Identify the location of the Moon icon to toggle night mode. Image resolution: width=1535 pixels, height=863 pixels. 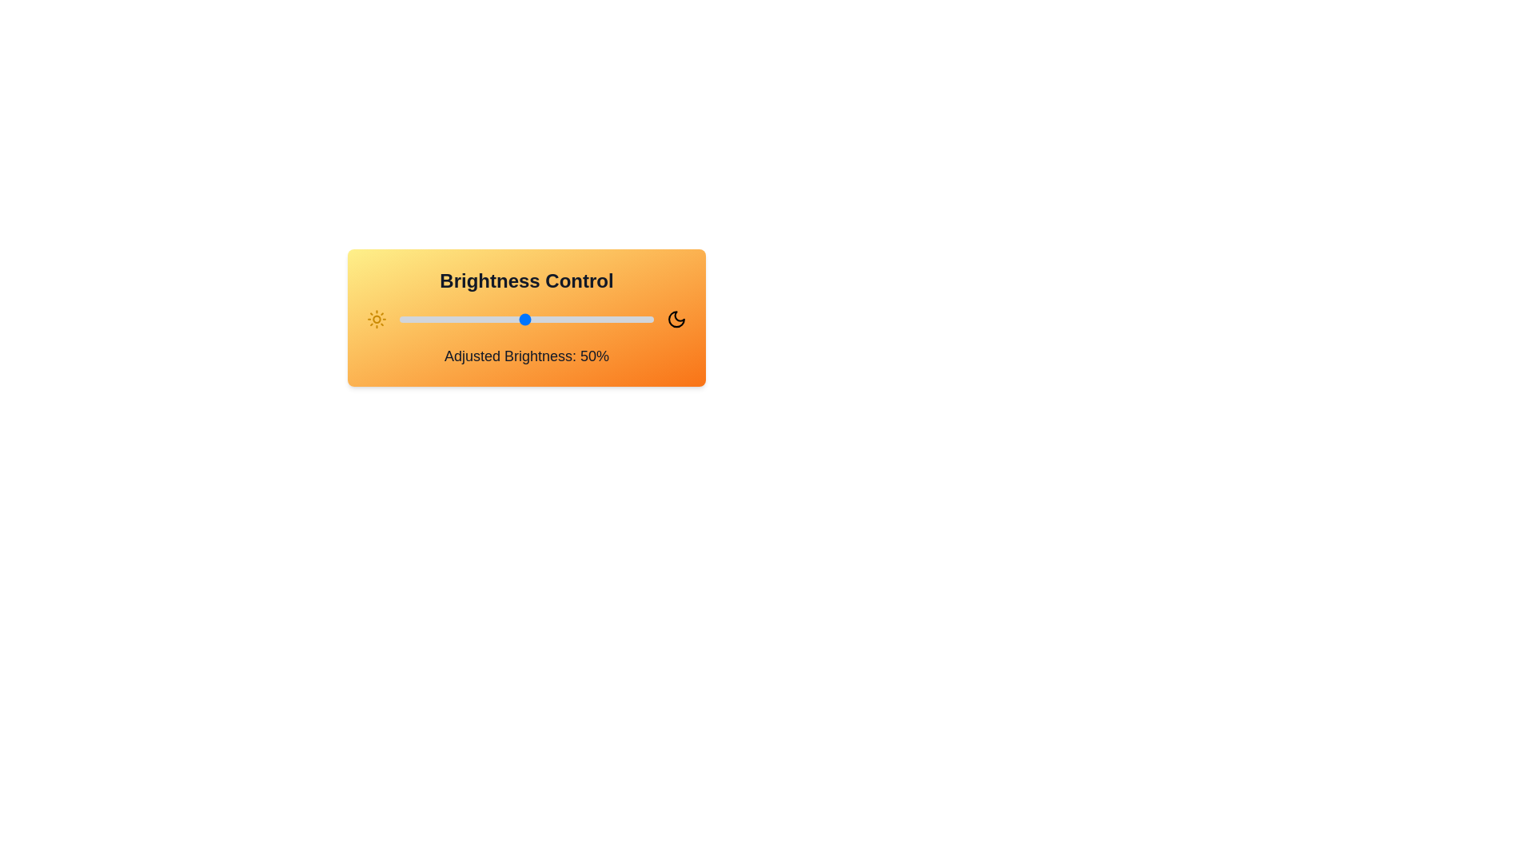
(676, 320).